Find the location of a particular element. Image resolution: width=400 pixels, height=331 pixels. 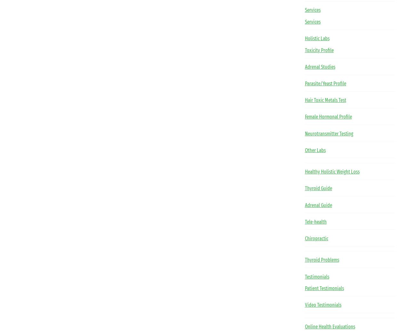

'Adrenal Studies' is located at coordinates (319, 66).